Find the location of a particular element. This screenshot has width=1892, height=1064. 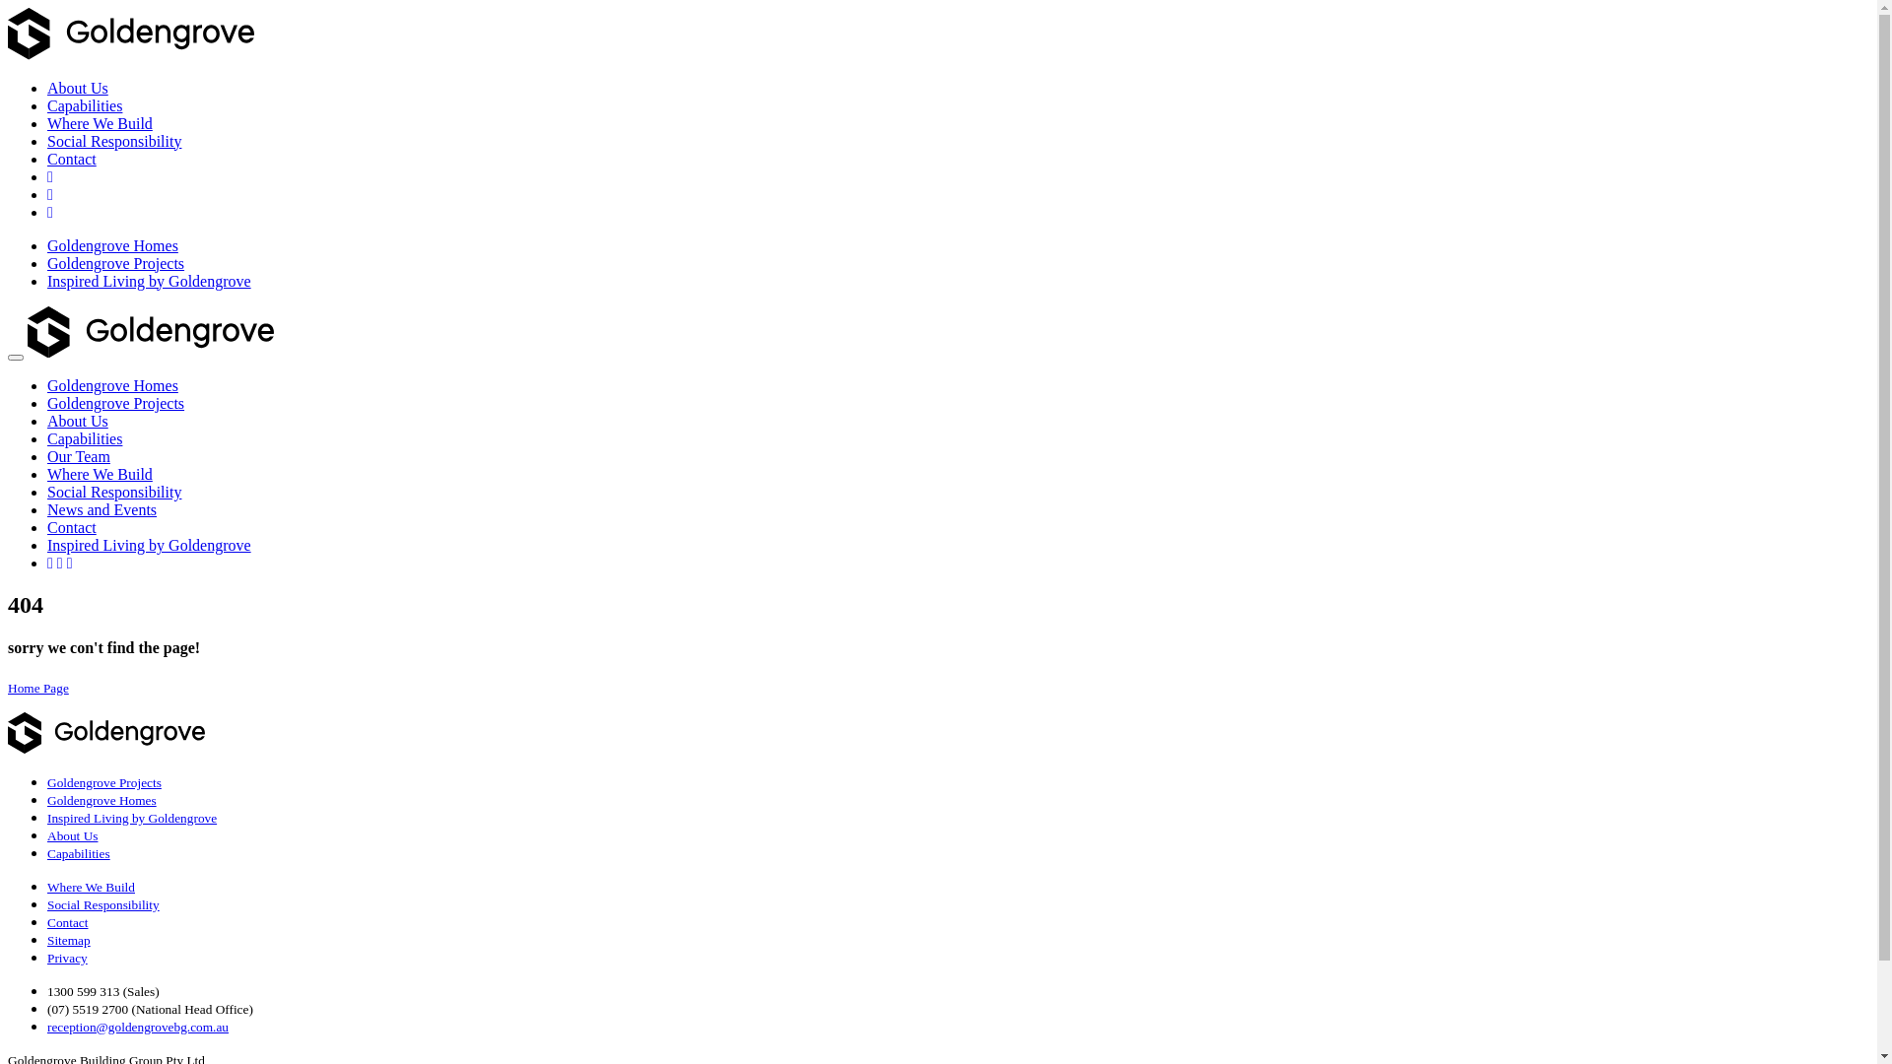

'Toggle navigation' is located at coordinates (15, 357).